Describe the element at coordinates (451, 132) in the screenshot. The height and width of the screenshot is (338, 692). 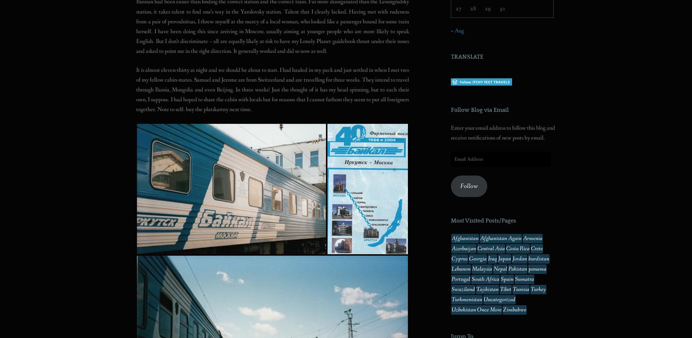
I see `'Enter your email address to follow this blog and receive notifications of new posts by email.'` at that location.